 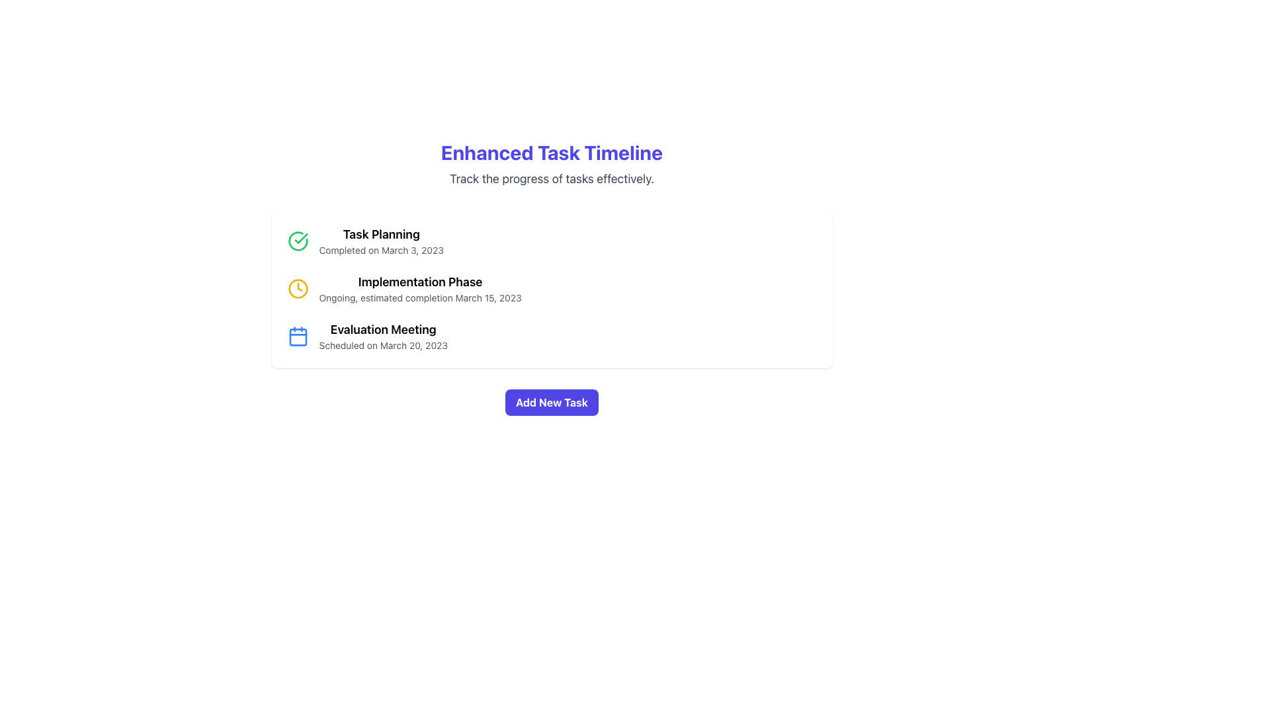 I want to click on the button that initiates the process of adding a new task to the timeline, located at the bottom of the layout, so click(x=552, y=402).